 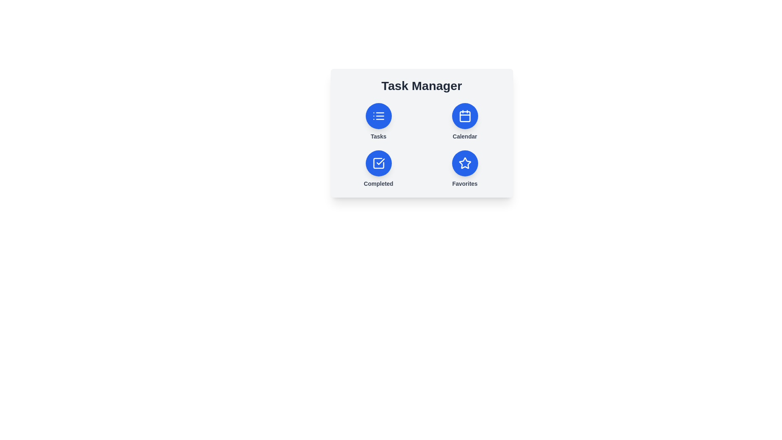 I want to click on the text label displaying 'Favorites' in bold grayish font located under the blue circular star icon in the bottom-right quadrant of the interface, so click(x=465, y=184).